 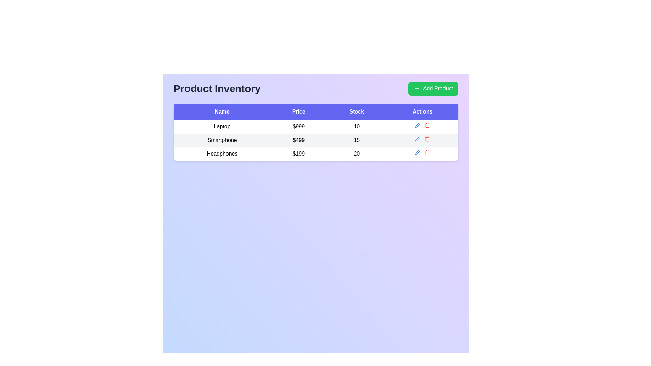 I want to click on the red trash can icon in the 'Actions' column of the last row, so click(x=427, y=152).